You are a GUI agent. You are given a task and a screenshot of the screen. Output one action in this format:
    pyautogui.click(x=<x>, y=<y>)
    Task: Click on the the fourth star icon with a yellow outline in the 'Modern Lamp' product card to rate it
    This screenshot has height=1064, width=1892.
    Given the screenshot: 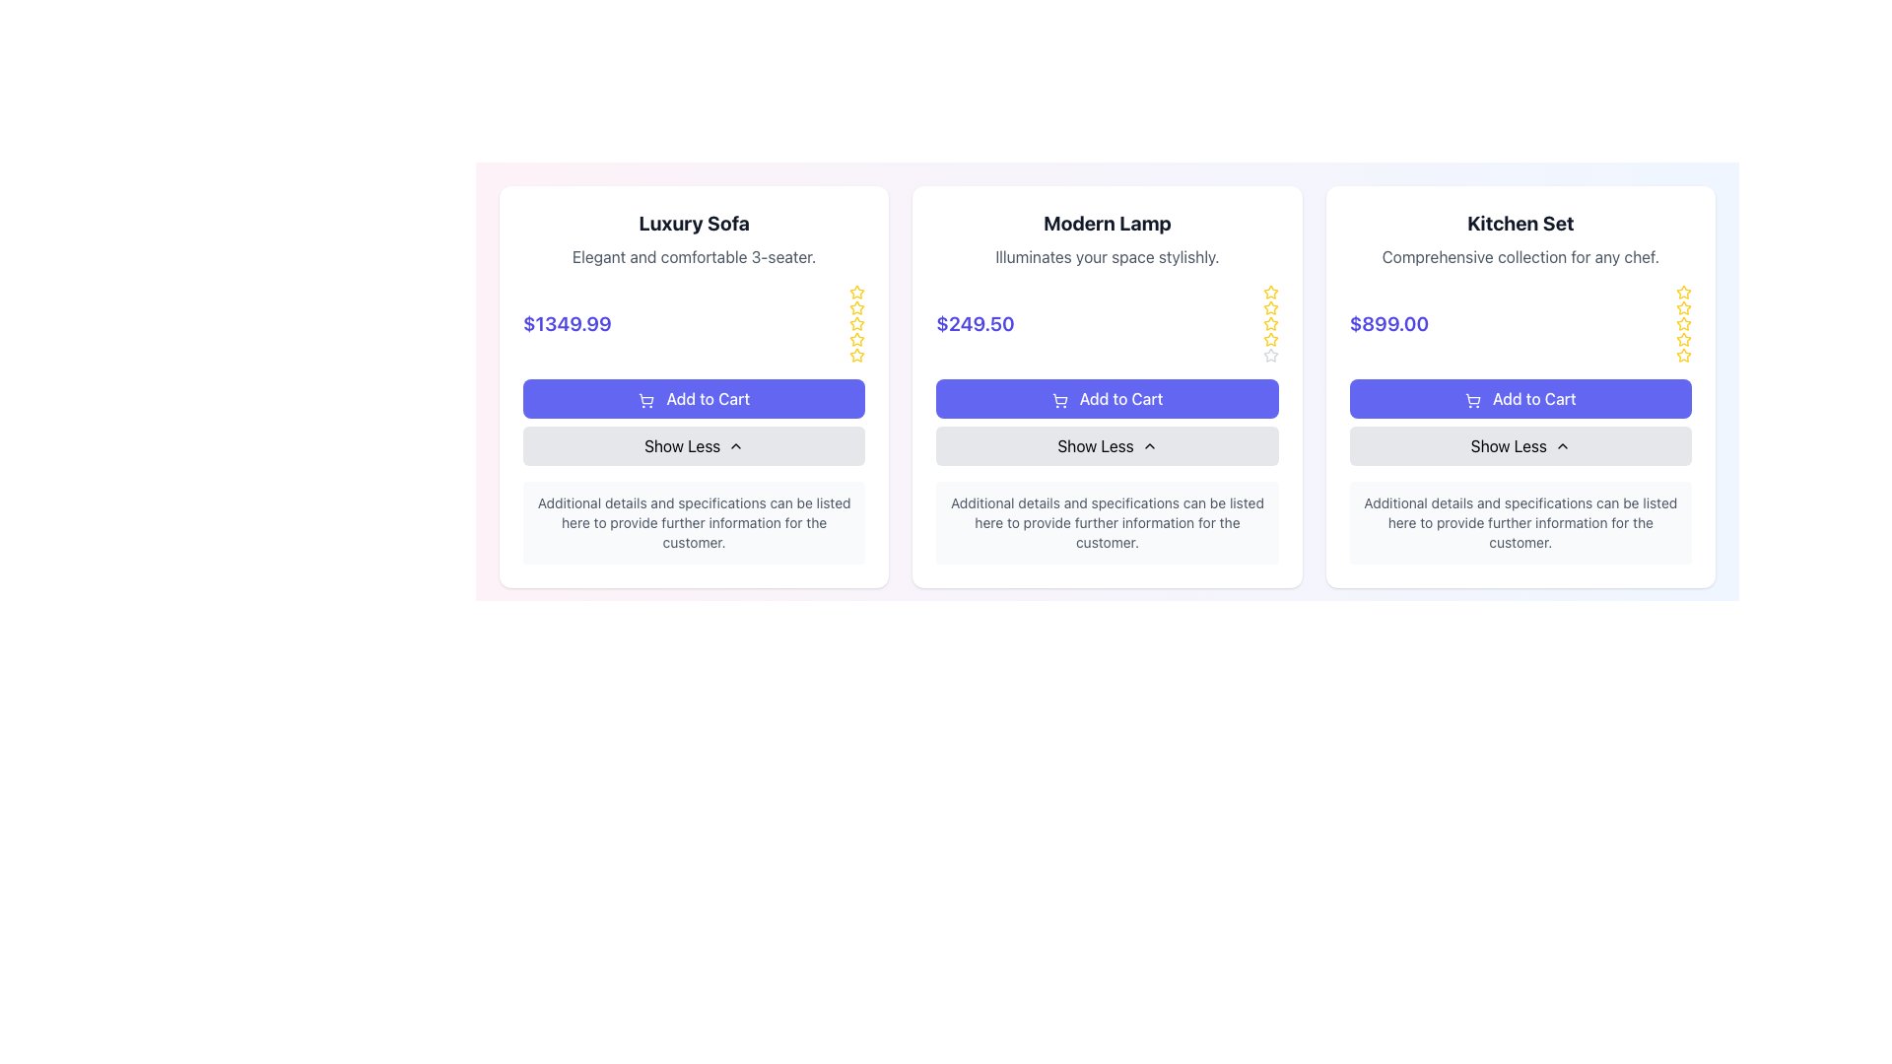 What is the action you would take?
    pyautogui.click(x=1270, y=338)
    